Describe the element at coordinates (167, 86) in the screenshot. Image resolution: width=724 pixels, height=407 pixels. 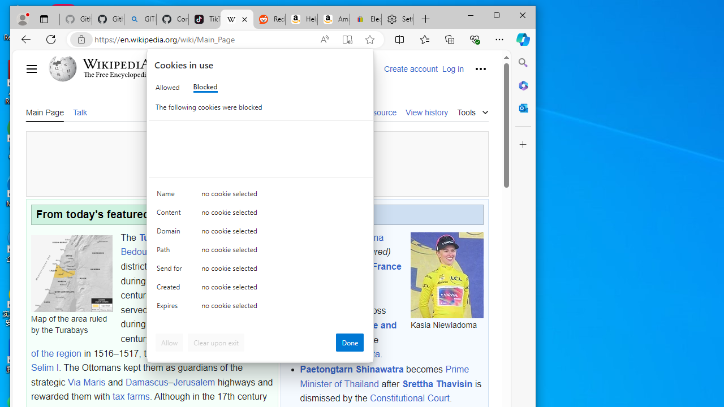
I see `'Allowed'` at that location.